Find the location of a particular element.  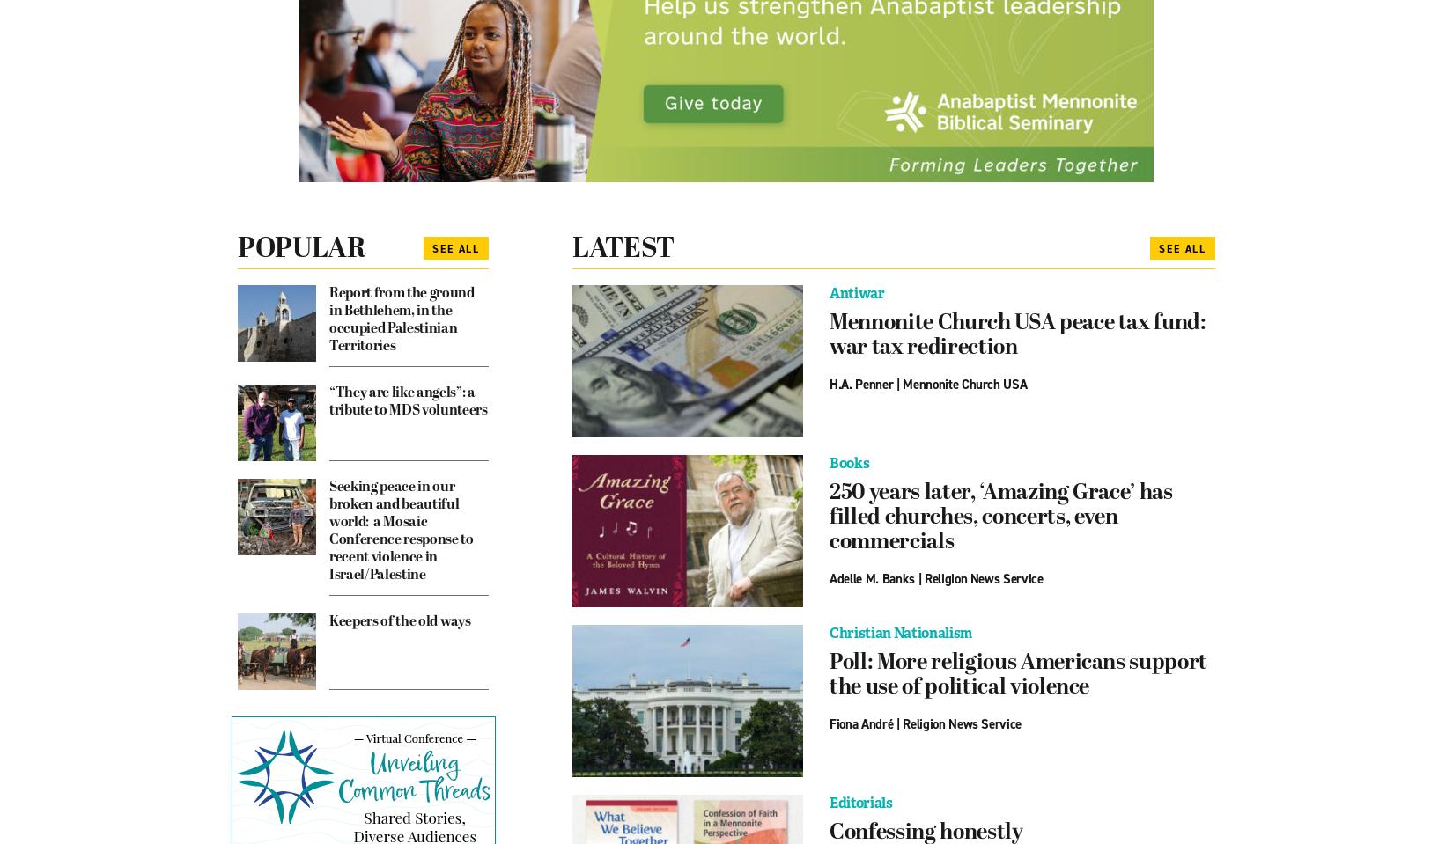

'Books' is located at coordinates (849, 462).